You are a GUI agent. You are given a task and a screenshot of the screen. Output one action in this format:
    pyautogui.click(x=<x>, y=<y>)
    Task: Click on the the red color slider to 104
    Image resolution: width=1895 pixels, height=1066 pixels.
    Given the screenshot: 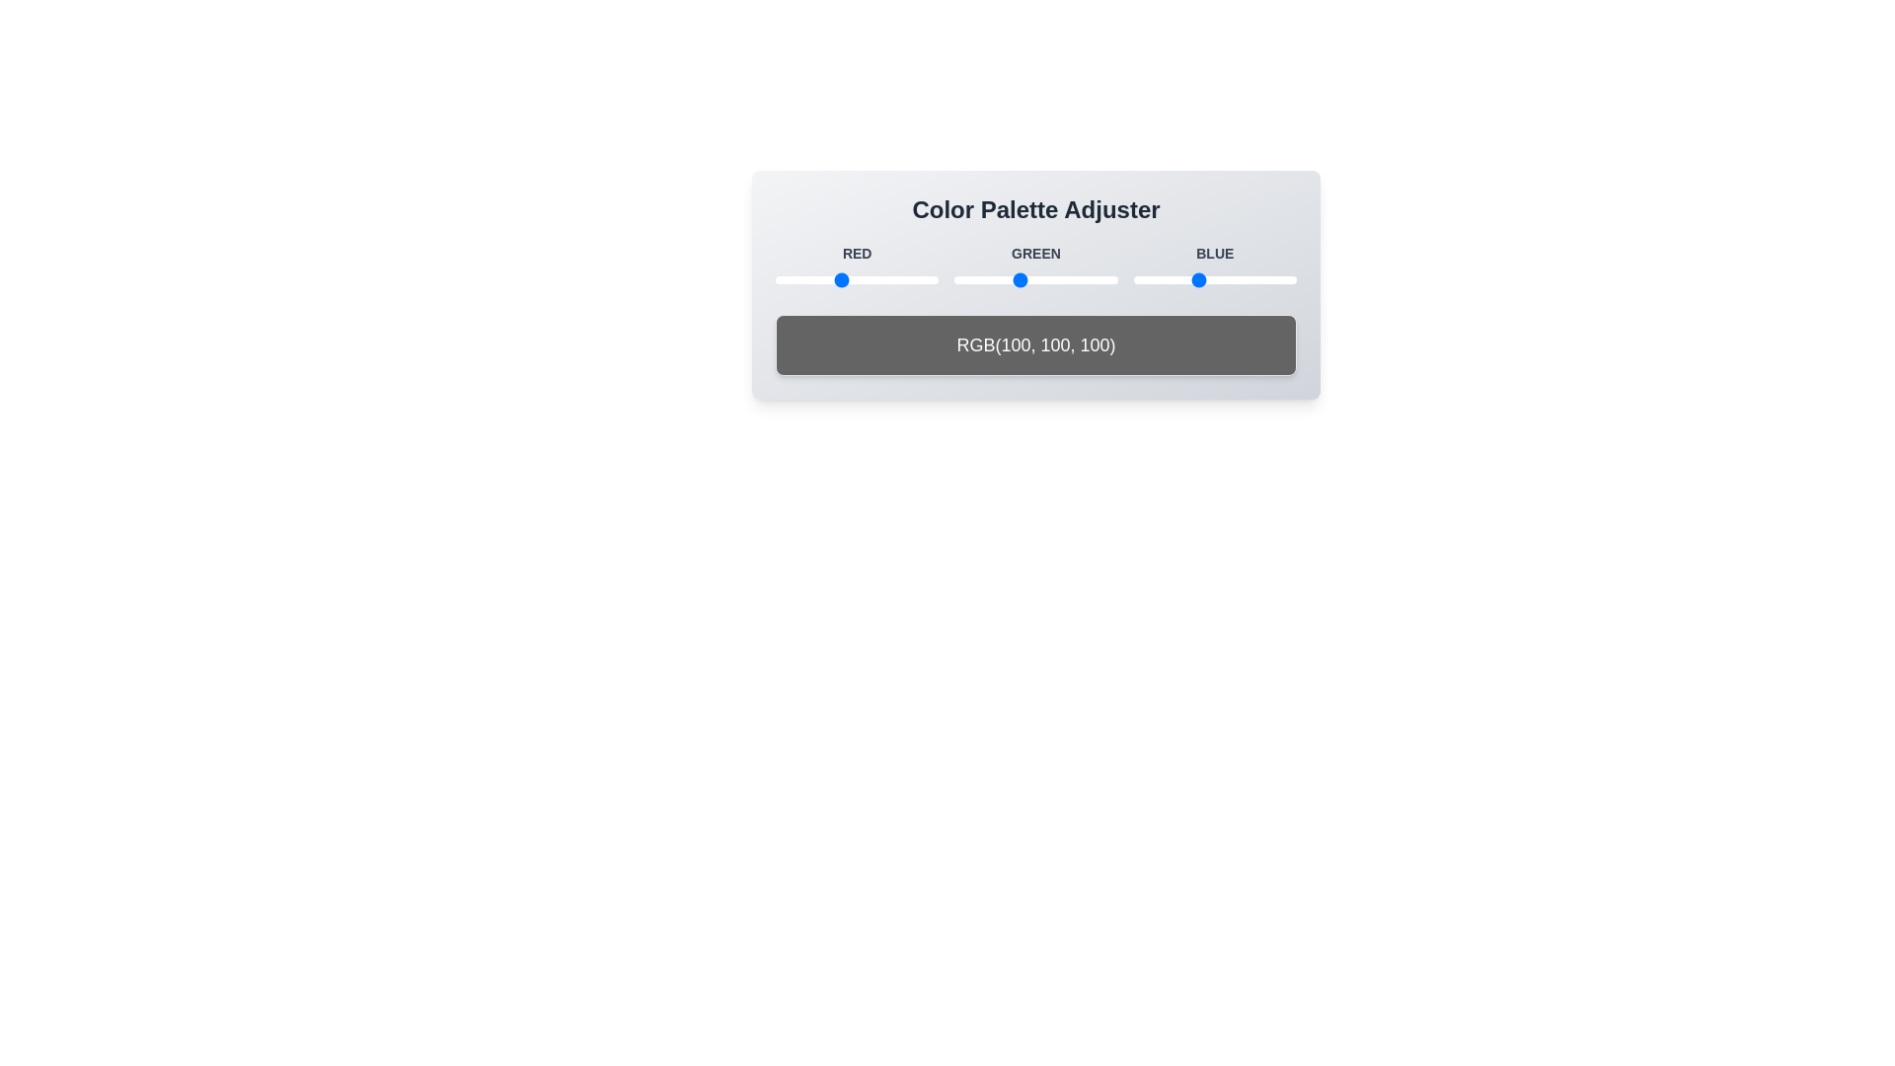 What is the action you would take?
    pyautogui.click(x=842, y=280)
    